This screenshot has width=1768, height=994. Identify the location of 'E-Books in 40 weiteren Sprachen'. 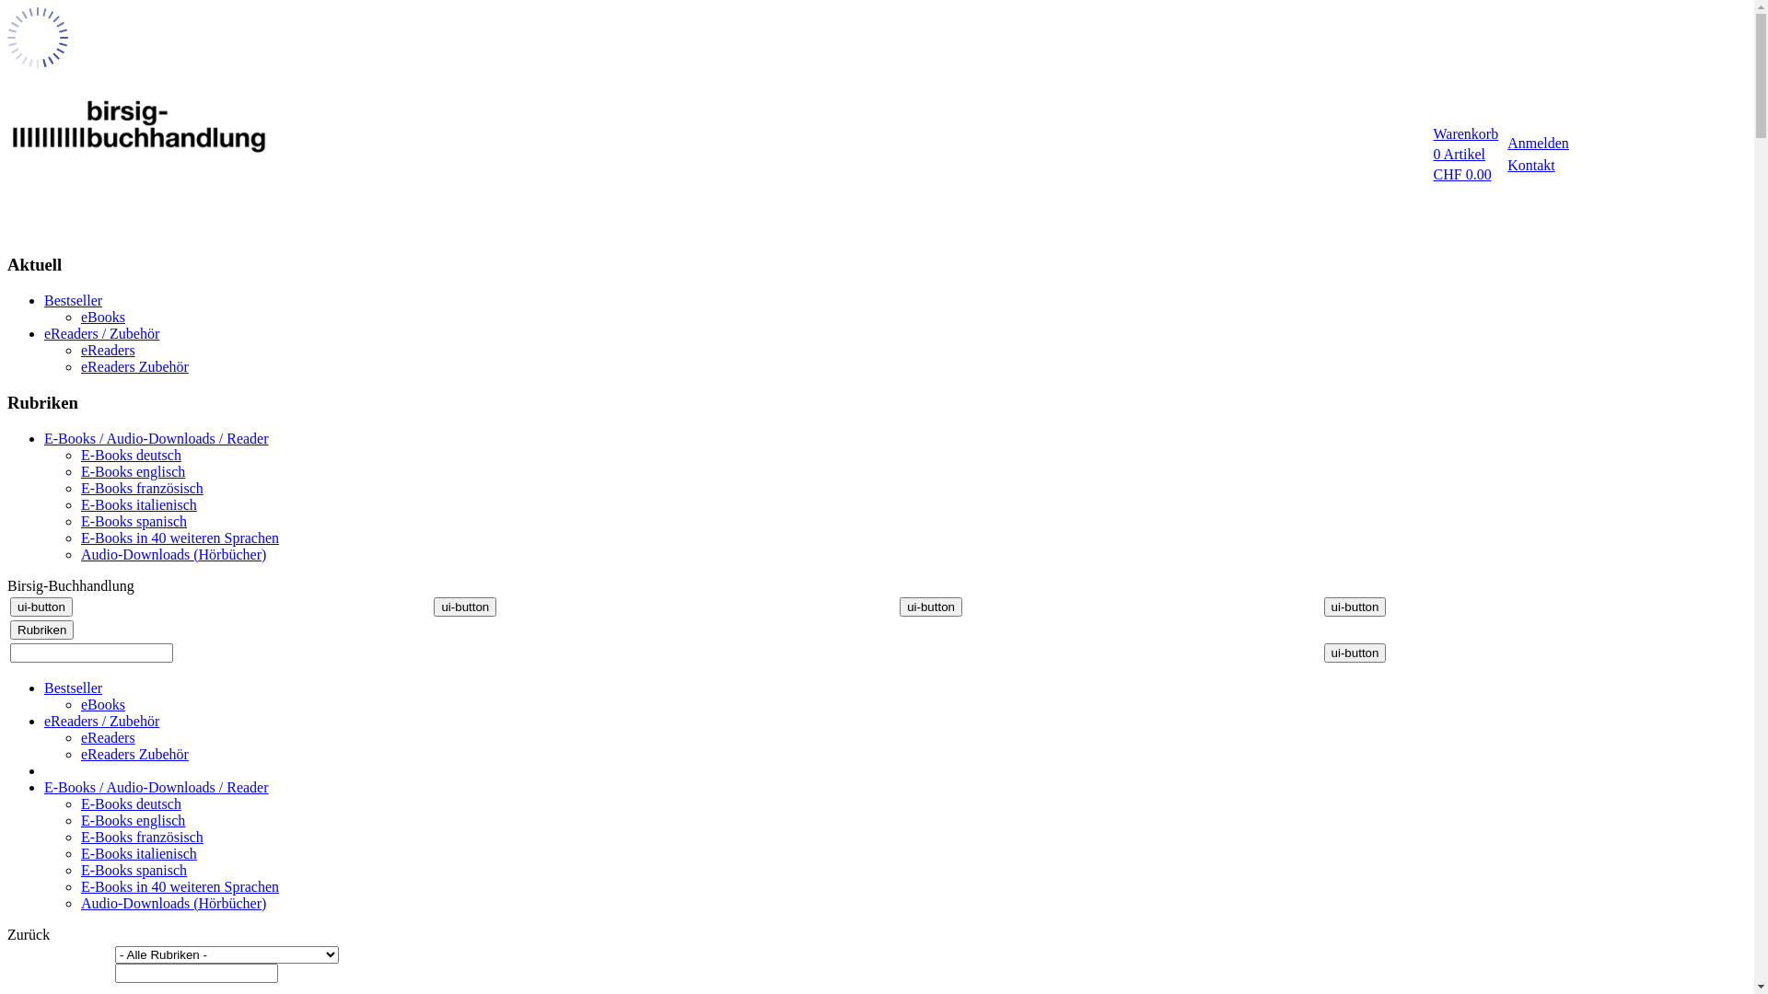
(180, 885).